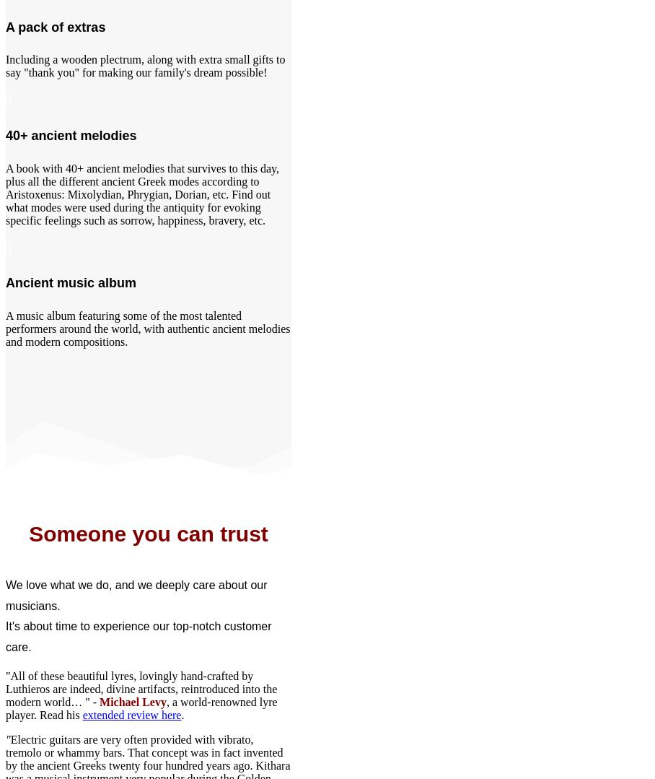 This screenshot has height=779, width=655. I want to click on 'A book with 40+ ancient melodies that survives to this day, plus all the different ancient Greek modes according to Aristoxenus: Mixolydian, Phrygian, Dorian, etc. Find out what modes were used during the antiquity for evoking specific feelings such as sorrow, happiness, bravery, etc.', so click(4, 193).